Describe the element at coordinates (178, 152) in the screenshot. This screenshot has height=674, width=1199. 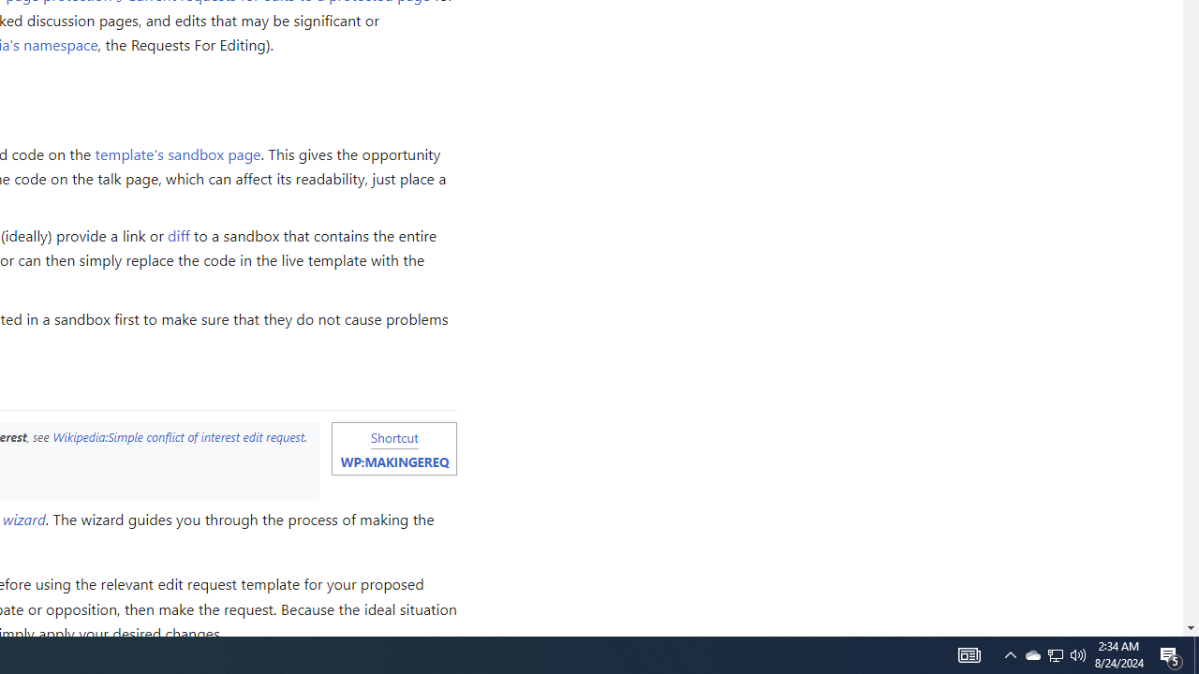
I see `'template'` at that location.